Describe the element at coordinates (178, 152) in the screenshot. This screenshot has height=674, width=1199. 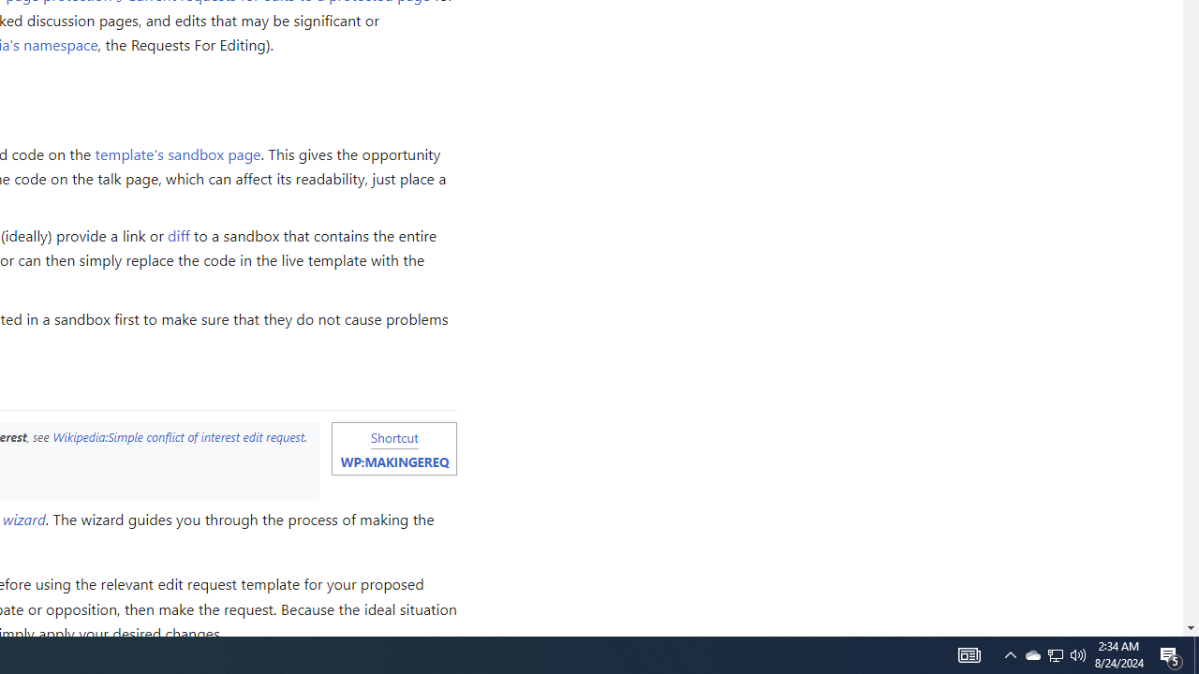
I see `'template'` at that location.